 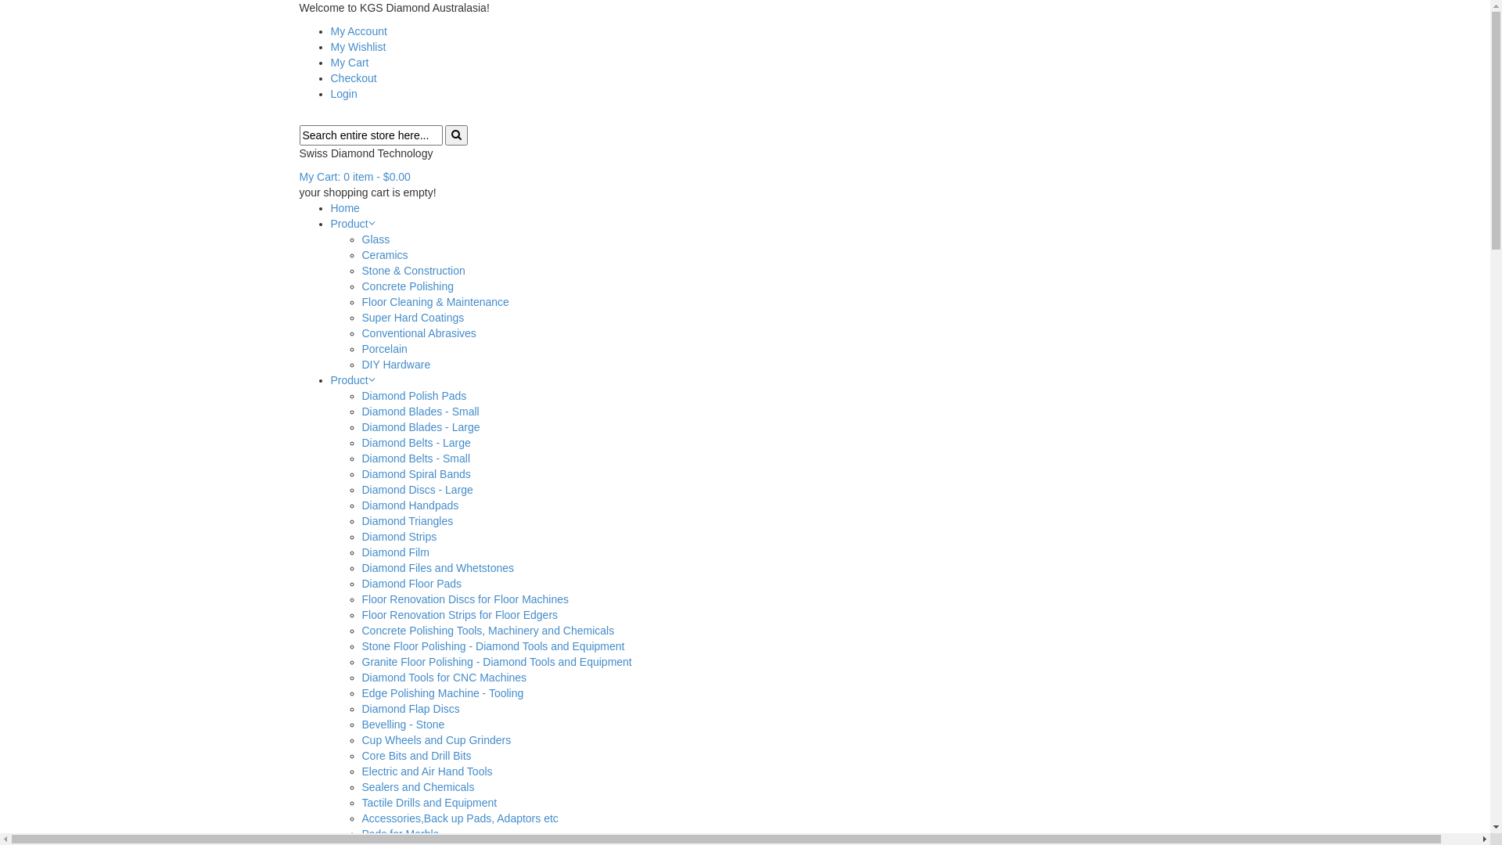 I want to click on 'Concrete Polishing Tools, Machinery and Chemicals', so click(x=487, y=630).